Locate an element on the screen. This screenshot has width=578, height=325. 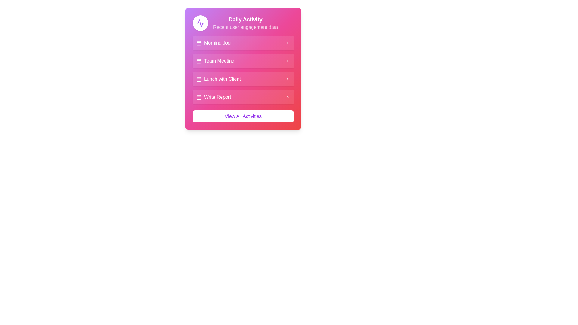
text of the Text block with an associated icon that displays 'Daily Activity' and 'Recent user engagement data' with a purple activity wave icon on the left is located at coordinates (243, 23).